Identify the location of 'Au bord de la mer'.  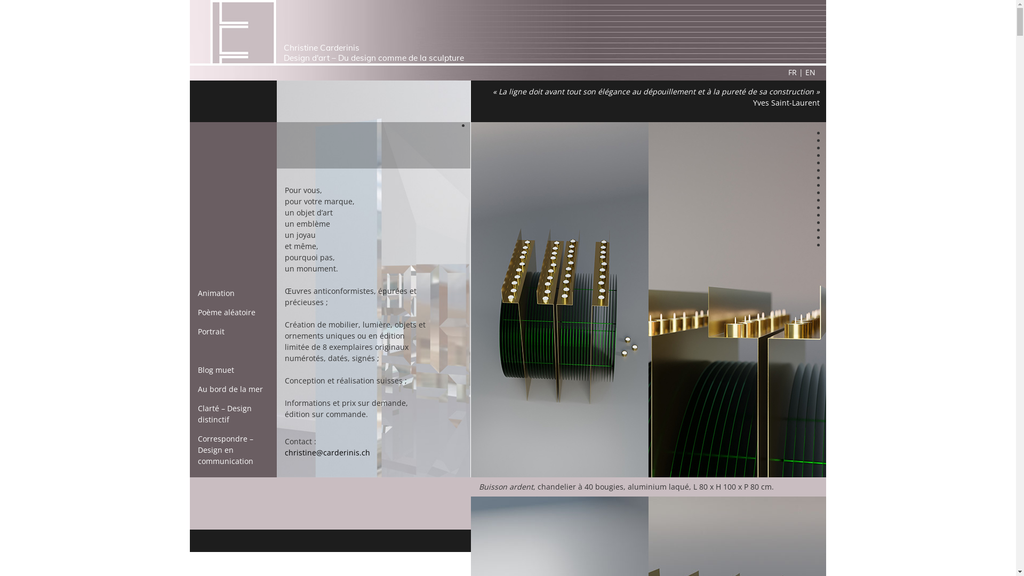
(230, 389).